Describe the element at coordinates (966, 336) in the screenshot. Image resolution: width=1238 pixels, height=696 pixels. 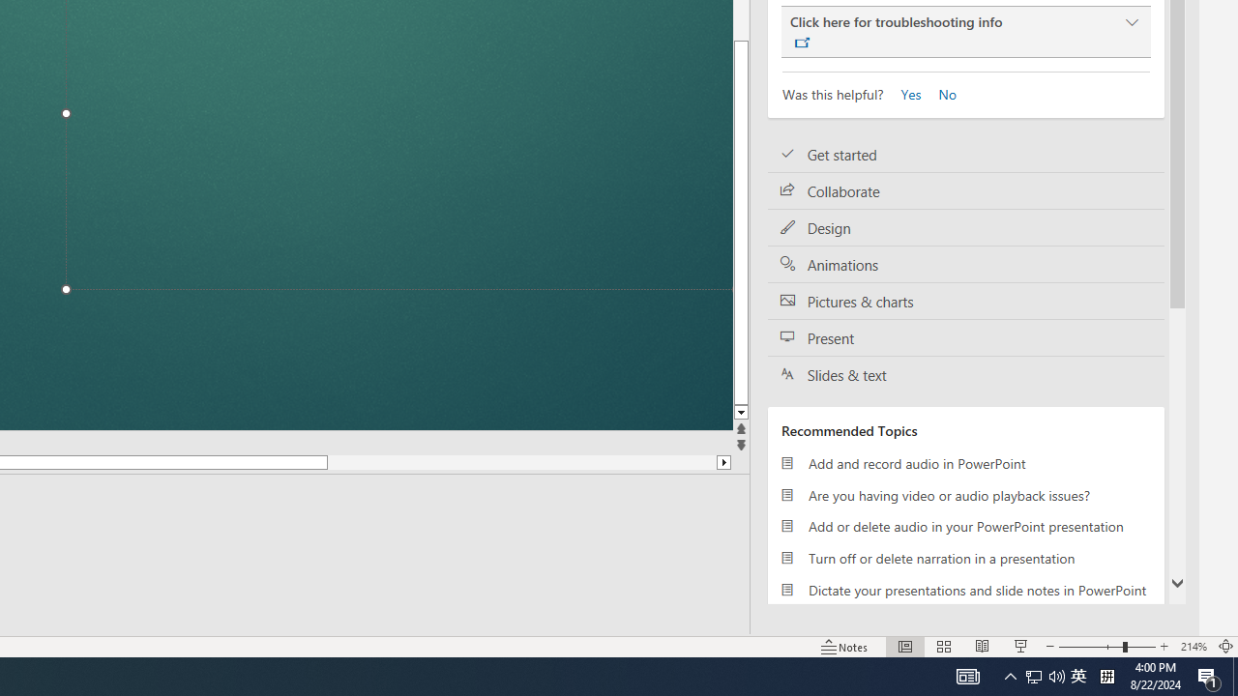
I see `'Present'` at that location.